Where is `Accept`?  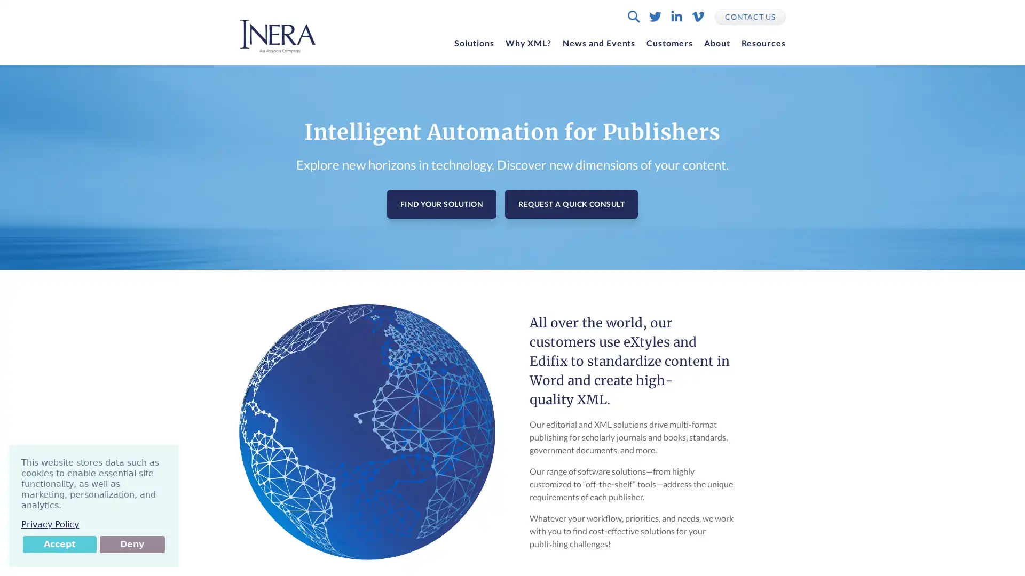
Accept is located at coordinates (59, 545).